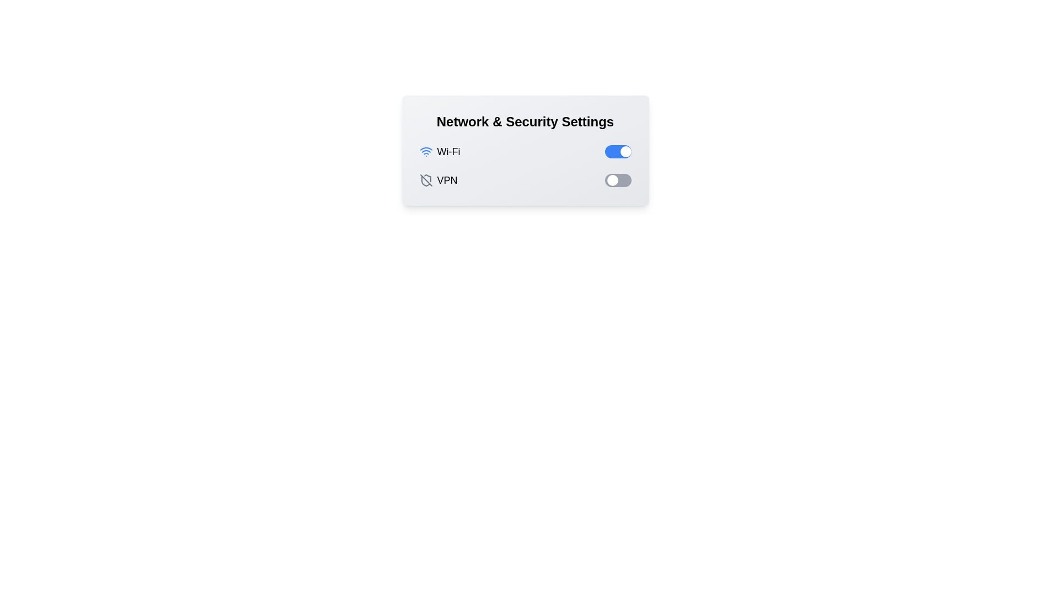 The image size is (1059, 596). I want to click on the informational text element for the VPN feature located to the left of the toggle switch, which is the second entry below the Wi-Fi label, so click(438, 180).